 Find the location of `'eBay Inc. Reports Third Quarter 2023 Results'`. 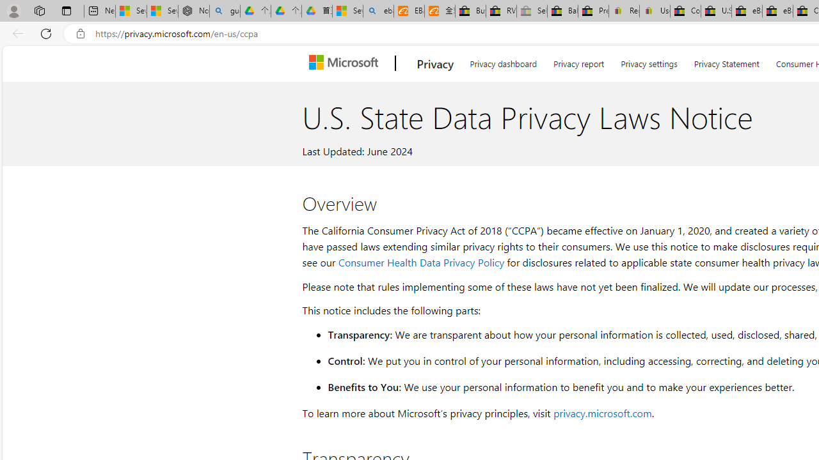

'eBay Inc. Reports Third Quarter 2023 Results' is located at coordinates (777, 11).